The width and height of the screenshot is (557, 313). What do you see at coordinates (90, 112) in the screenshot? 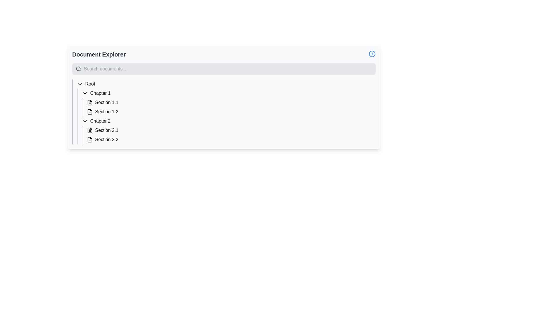
I see `the small document icon located to the left of the text 'Section 1.2' in the document hierarchy` at bounding box center [90, 112].